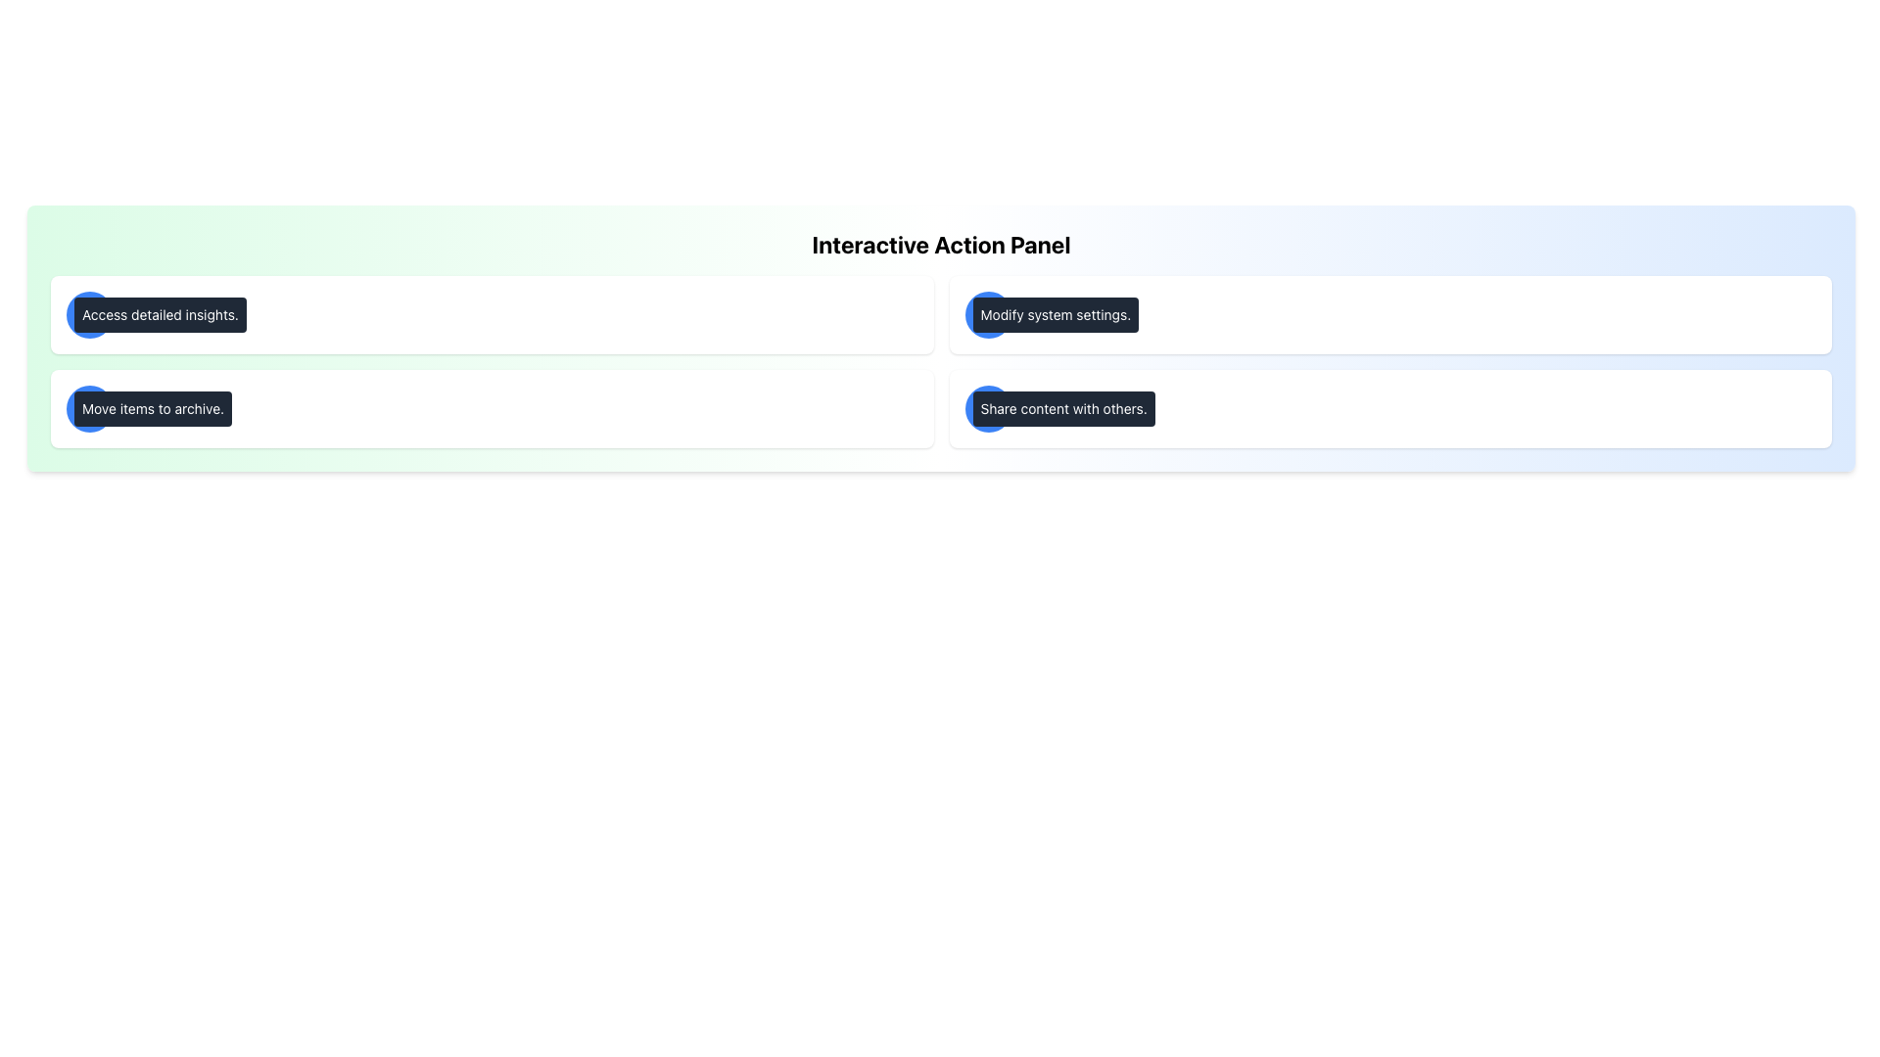 The width and height of the screenshot is (1880, 1057). I want to click on the sharing icon located in the bottom row, second column of the interactive panel to share content, so click(988, 407).